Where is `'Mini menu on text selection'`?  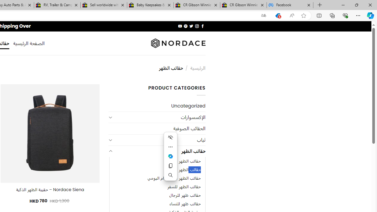 'Mini menu on text selection' is located at coordinates (170, 156).